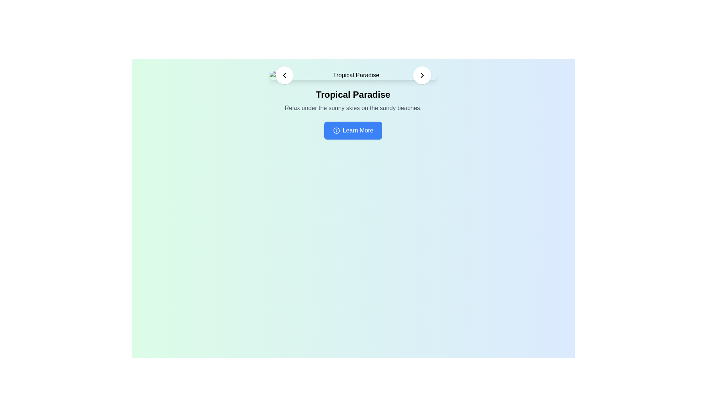 The image size is (718, 403). What do you see at coordinates (284, 75) in the screenshot?
I see `the SVG Icon within the white circular button` at bounding box center [284, 75].